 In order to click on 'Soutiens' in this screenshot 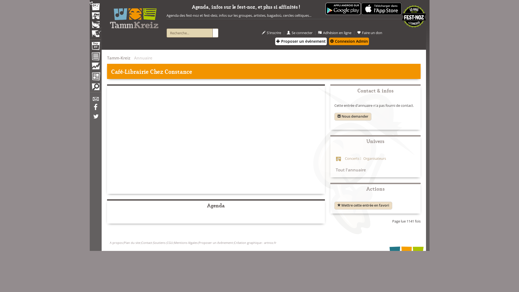, I will do `click(159, 242)`.